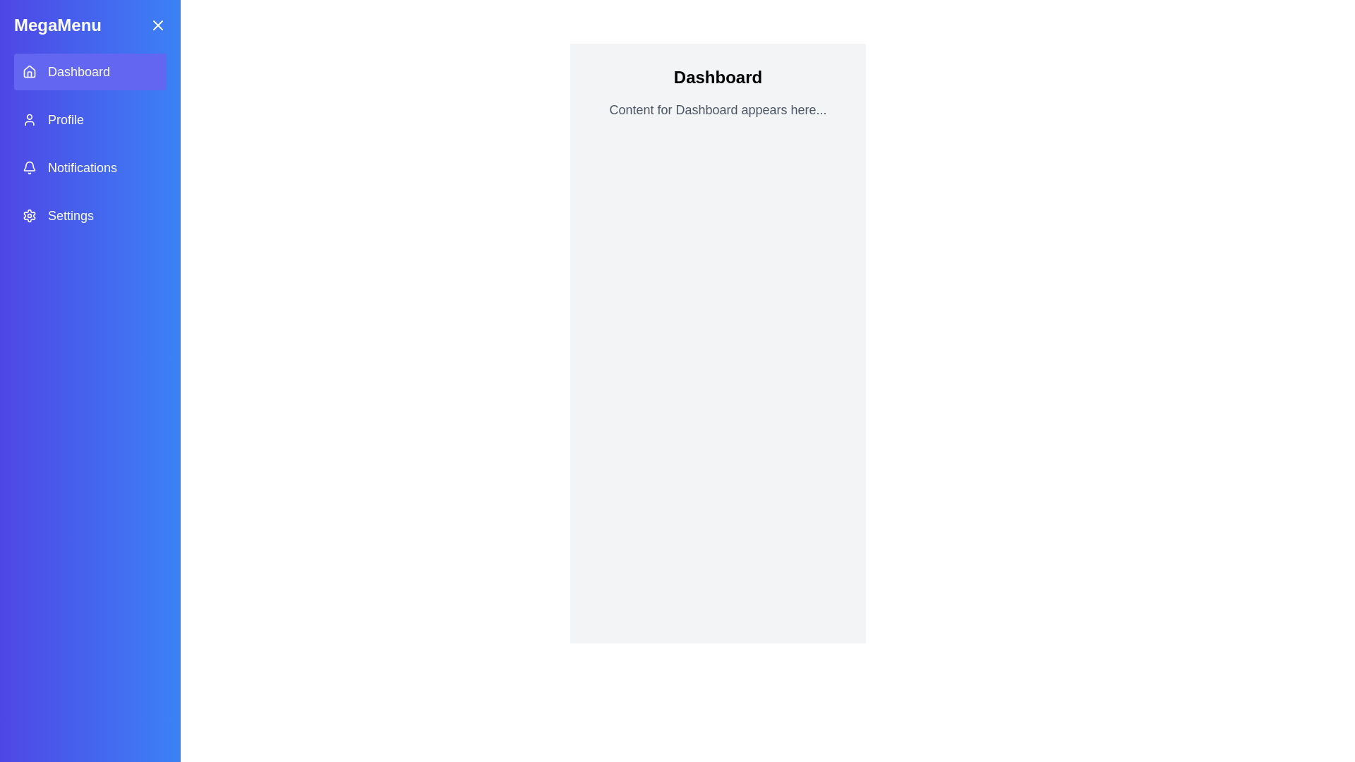  I want to click on the second menu item in the vertical menu that provides access to profile-related information or settings, so click(90, 119).